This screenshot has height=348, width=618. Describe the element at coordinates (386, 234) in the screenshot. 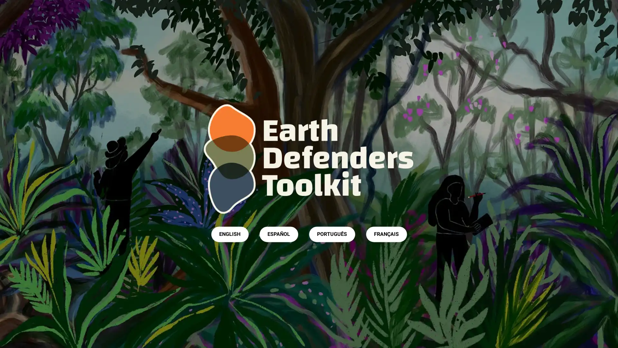

I see `FRANCAIS` at that location.